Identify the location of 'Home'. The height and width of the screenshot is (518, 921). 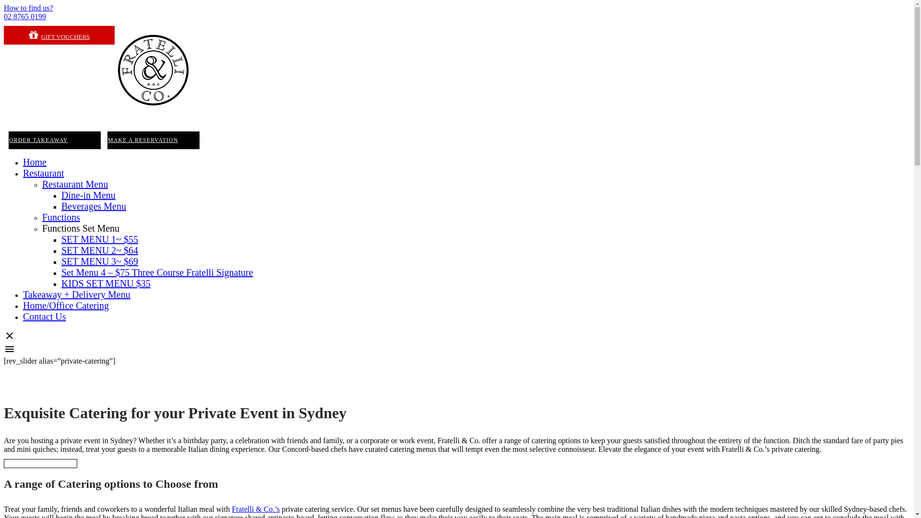
(23, 162).